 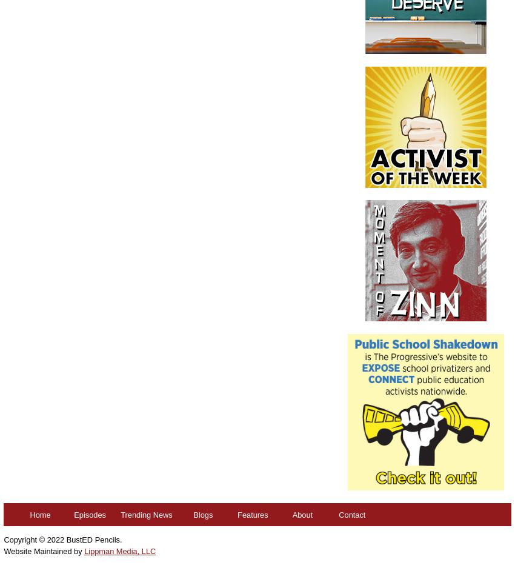 I want to click on 'Copyright © 2022 BustED Pencils.', so click(x=62, y=540).